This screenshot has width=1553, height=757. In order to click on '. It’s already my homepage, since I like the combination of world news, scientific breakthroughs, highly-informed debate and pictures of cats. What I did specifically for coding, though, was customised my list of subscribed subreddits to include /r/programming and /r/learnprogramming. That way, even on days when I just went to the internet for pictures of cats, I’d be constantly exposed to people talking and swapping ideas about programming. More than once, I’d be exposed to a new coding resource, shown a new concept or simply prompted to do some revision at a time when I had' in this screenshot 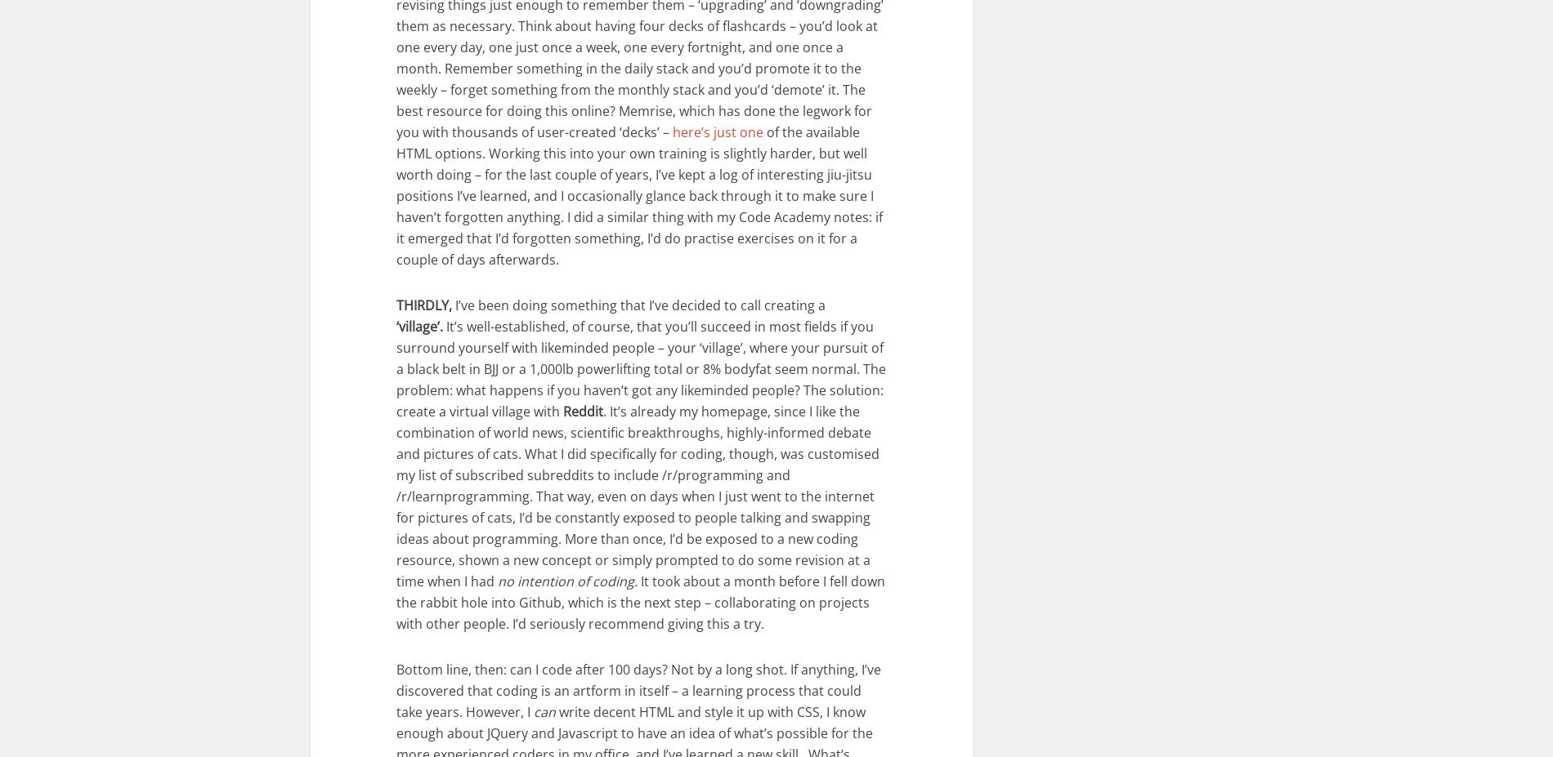, I will do `click(637, 495)`.